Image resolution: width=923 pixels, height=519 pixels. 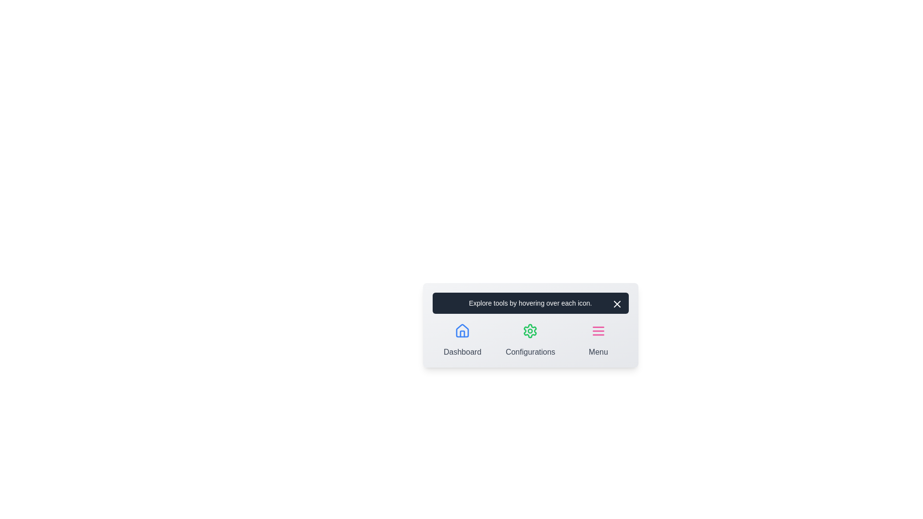 I want to click on the circular button with a blue house icon located in the bottom-left quadrant, so click(x=462, y=331).